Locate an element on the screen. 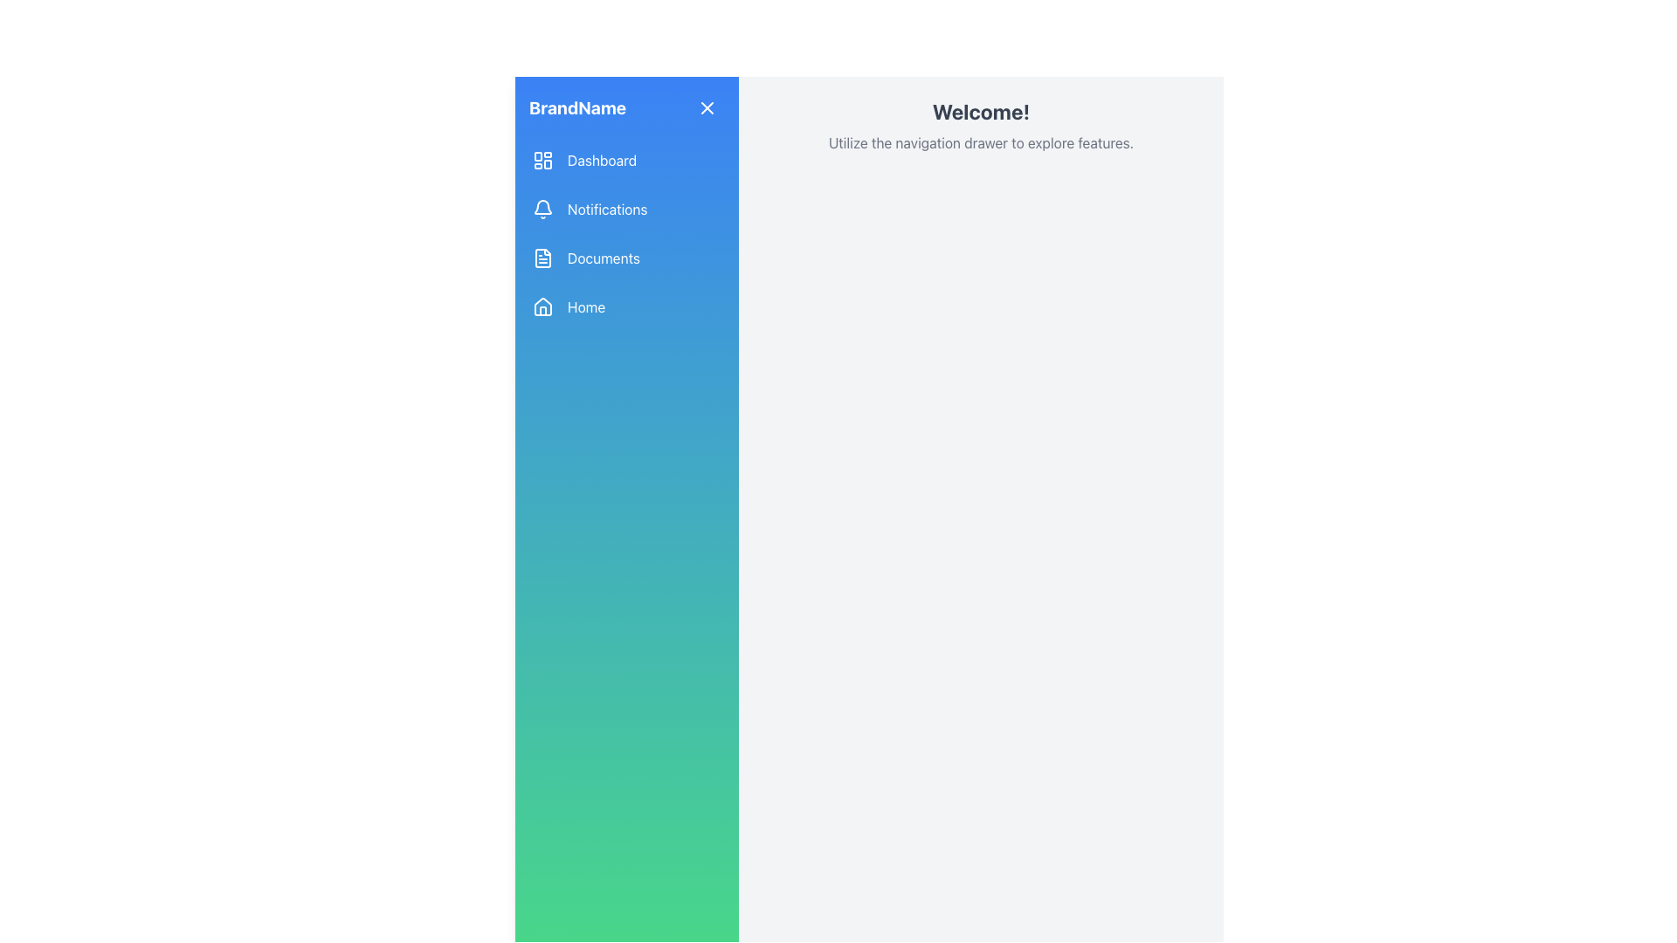  the navigational button located at the top of the vertical navigation menu in the leftmost sidebar, which redirects to the Dashboard section is located at coordinates (583, 161).